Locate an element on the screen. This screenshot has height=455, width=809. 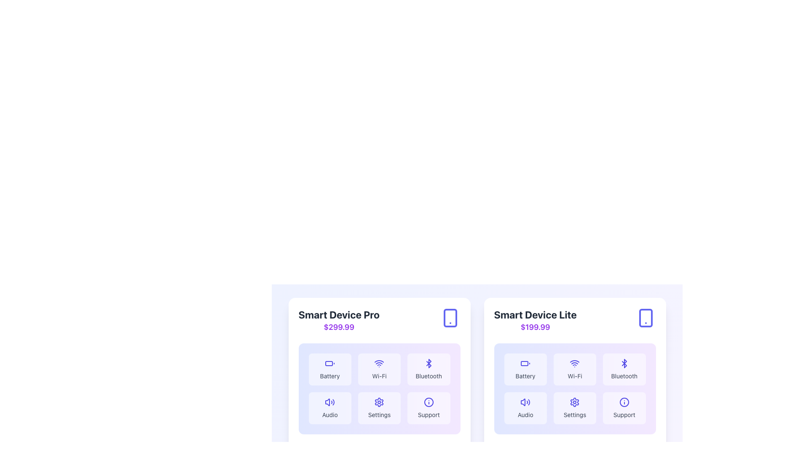
the price label displaying '$199.99' in bold purple font, located directly below the heading 'Smart Device Lite' within the card titled 'Smart Device Lite' is located at coordinates (535, 327).